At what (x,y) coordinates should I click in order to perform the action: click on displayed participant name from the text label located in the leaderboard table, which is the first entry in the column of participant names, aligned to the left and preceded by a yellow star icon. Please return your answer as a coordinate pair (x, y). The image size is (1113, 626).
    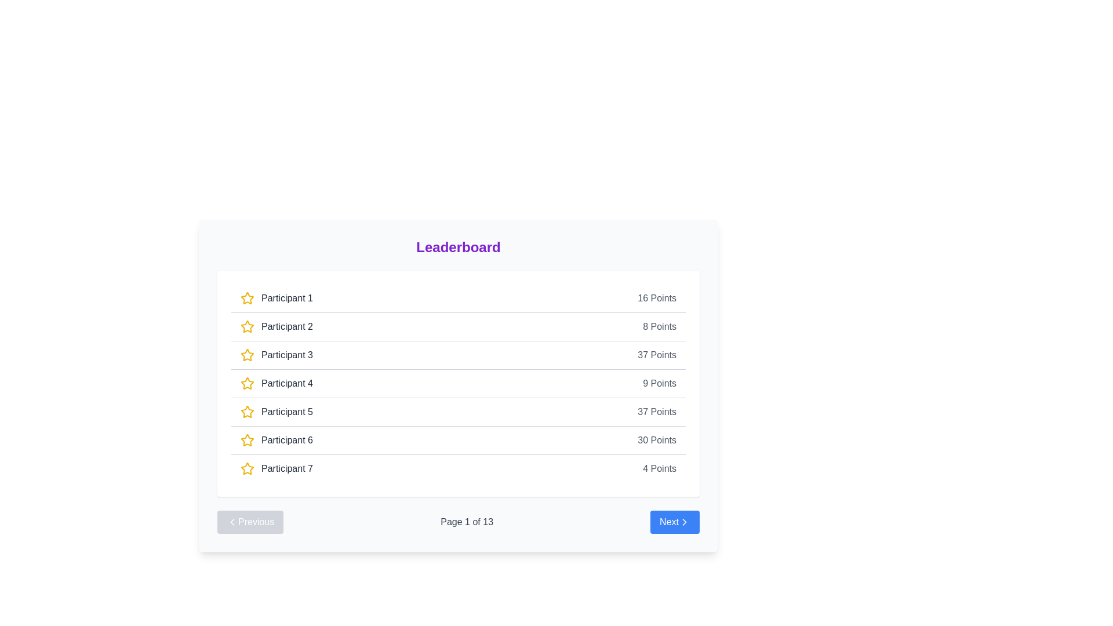
    Looking at the image, I should click on (287, 298).